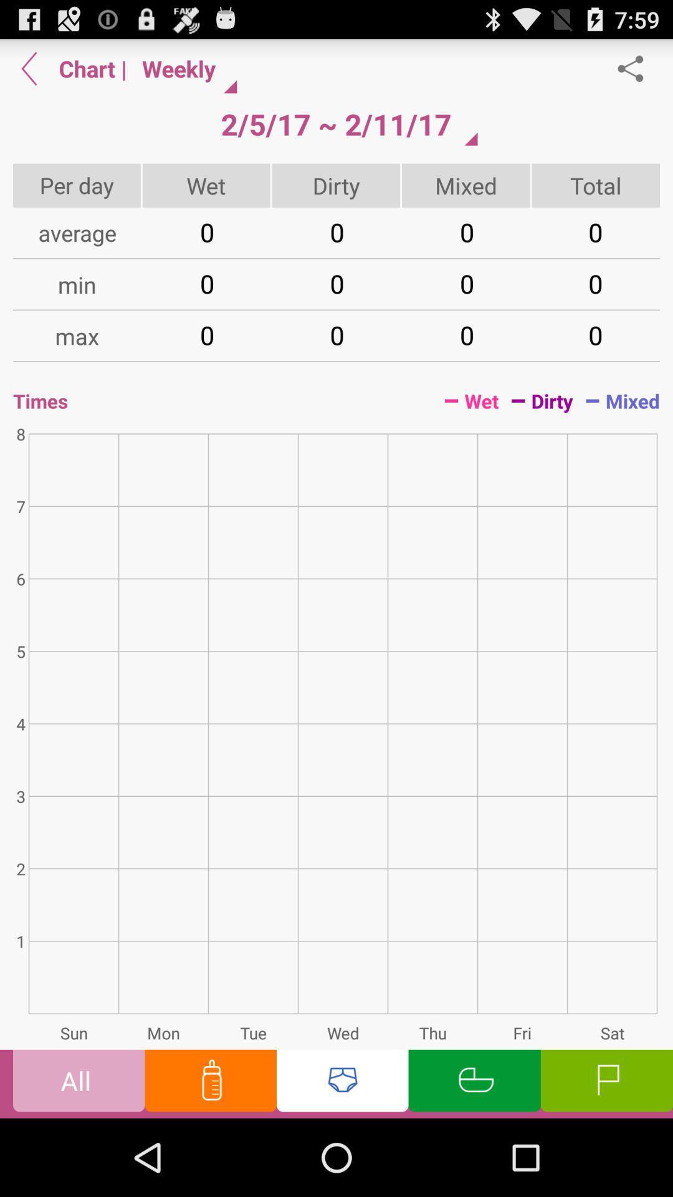  What do you see at coordinates (29, 73) in the screenshot?
I see `the arrow_backward icon` at bounding box center [29, 73].